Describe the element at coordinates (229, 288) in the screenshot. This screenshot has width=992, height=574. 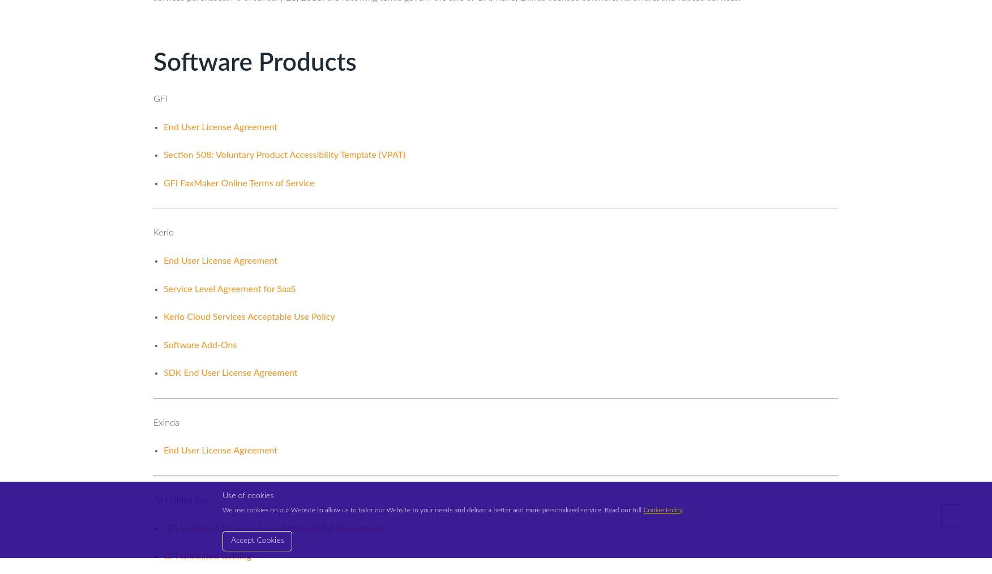
I see `'Service Level Agreement for SaaS'` at that location.